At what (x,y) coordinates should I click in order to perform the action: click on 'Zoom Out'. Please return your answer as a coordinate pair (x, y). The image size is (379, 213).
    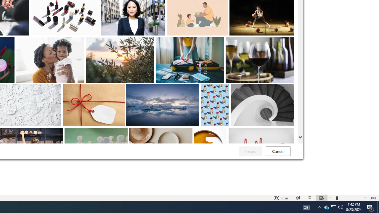
    Looking at the image, I should click on (341, 206).